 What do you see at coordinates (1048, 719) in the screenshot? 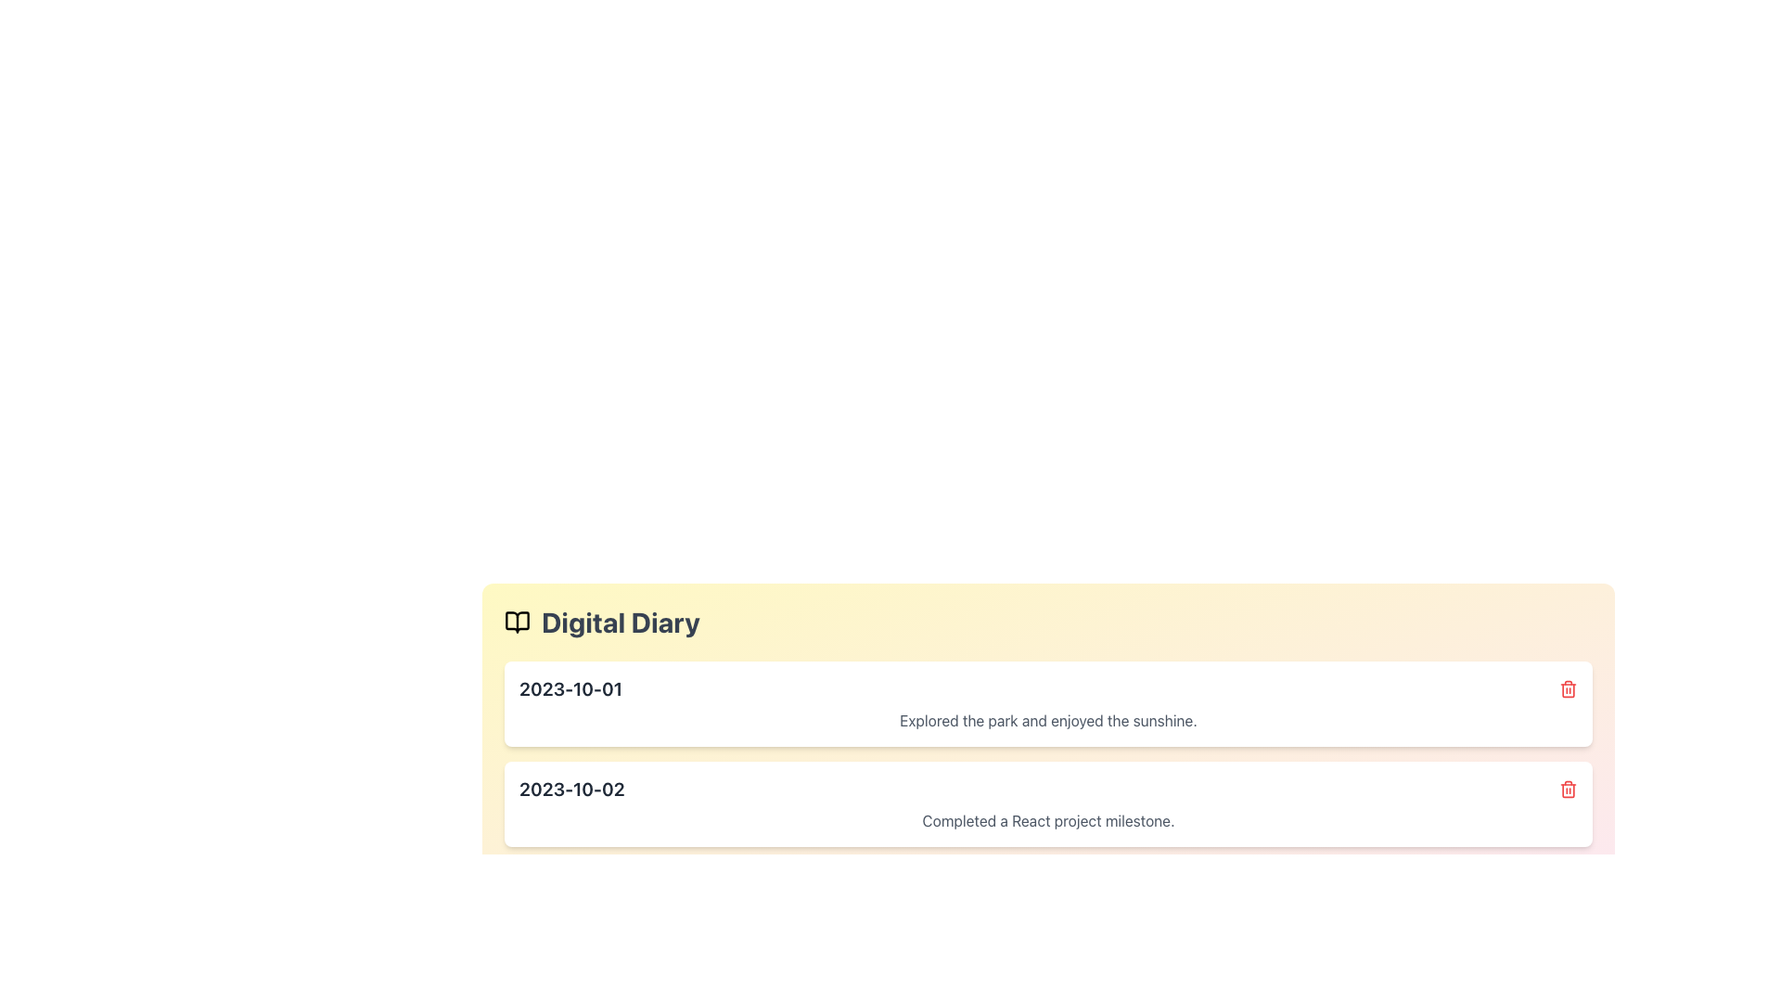
I see `the informational text label displaying a diary entry located below the date '2023-10-01' and to the right of the trash icon` at bounding box center [1048, 719].